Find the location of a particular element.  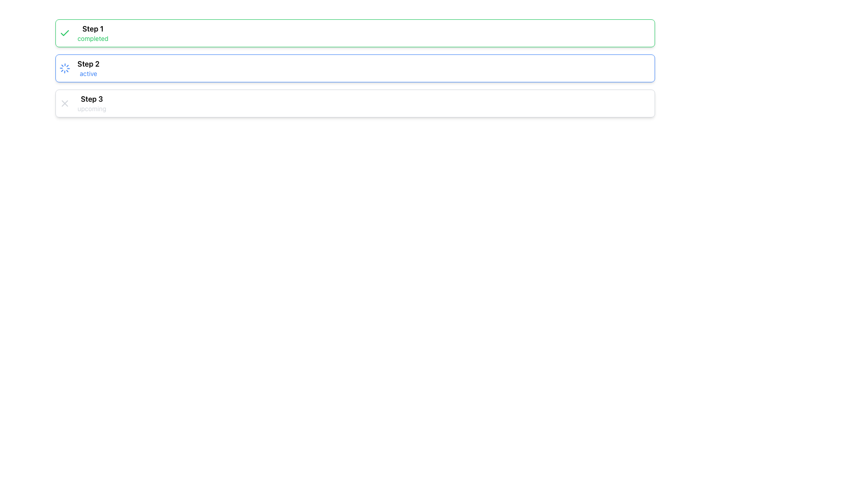

the Graphical Icon (Check Mark) that indicates the completed status for 'Step 1' in the horizontal progress indicator is located at coordinates (64, 32).